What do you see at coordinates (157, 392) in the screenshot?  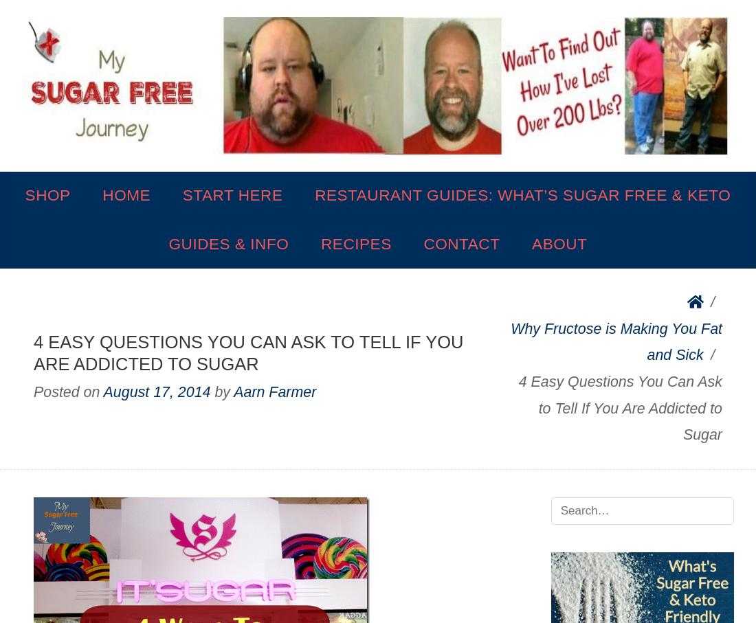 I see `'August 17, 2014'` at bounding box center [157, 392].